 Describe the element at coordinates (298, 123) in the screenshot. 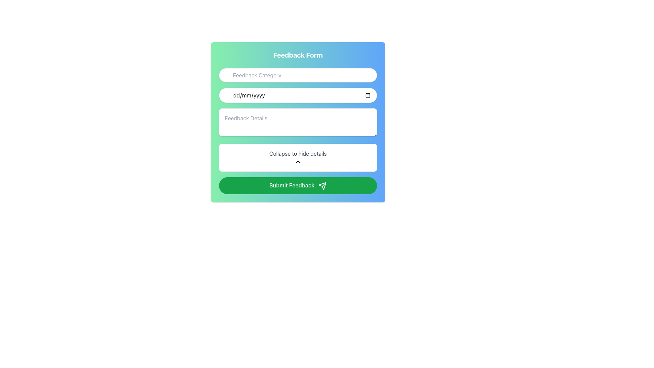

I see `the third input field in the form, which allows users to input detailed feedback` at that location.